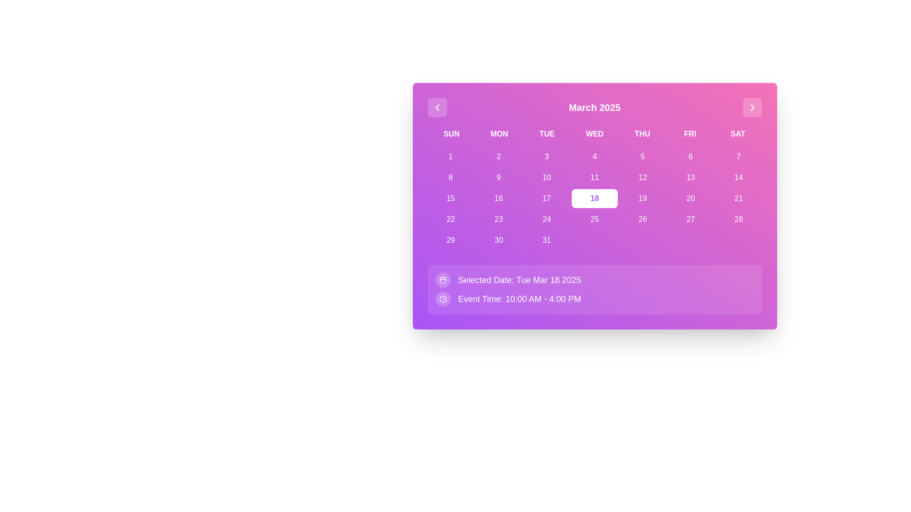 This screenshot has width=911, height=512. What do you see at coordinates (738, 198) in the screenshot?
I see `the button` at bounding box center [738, 198].